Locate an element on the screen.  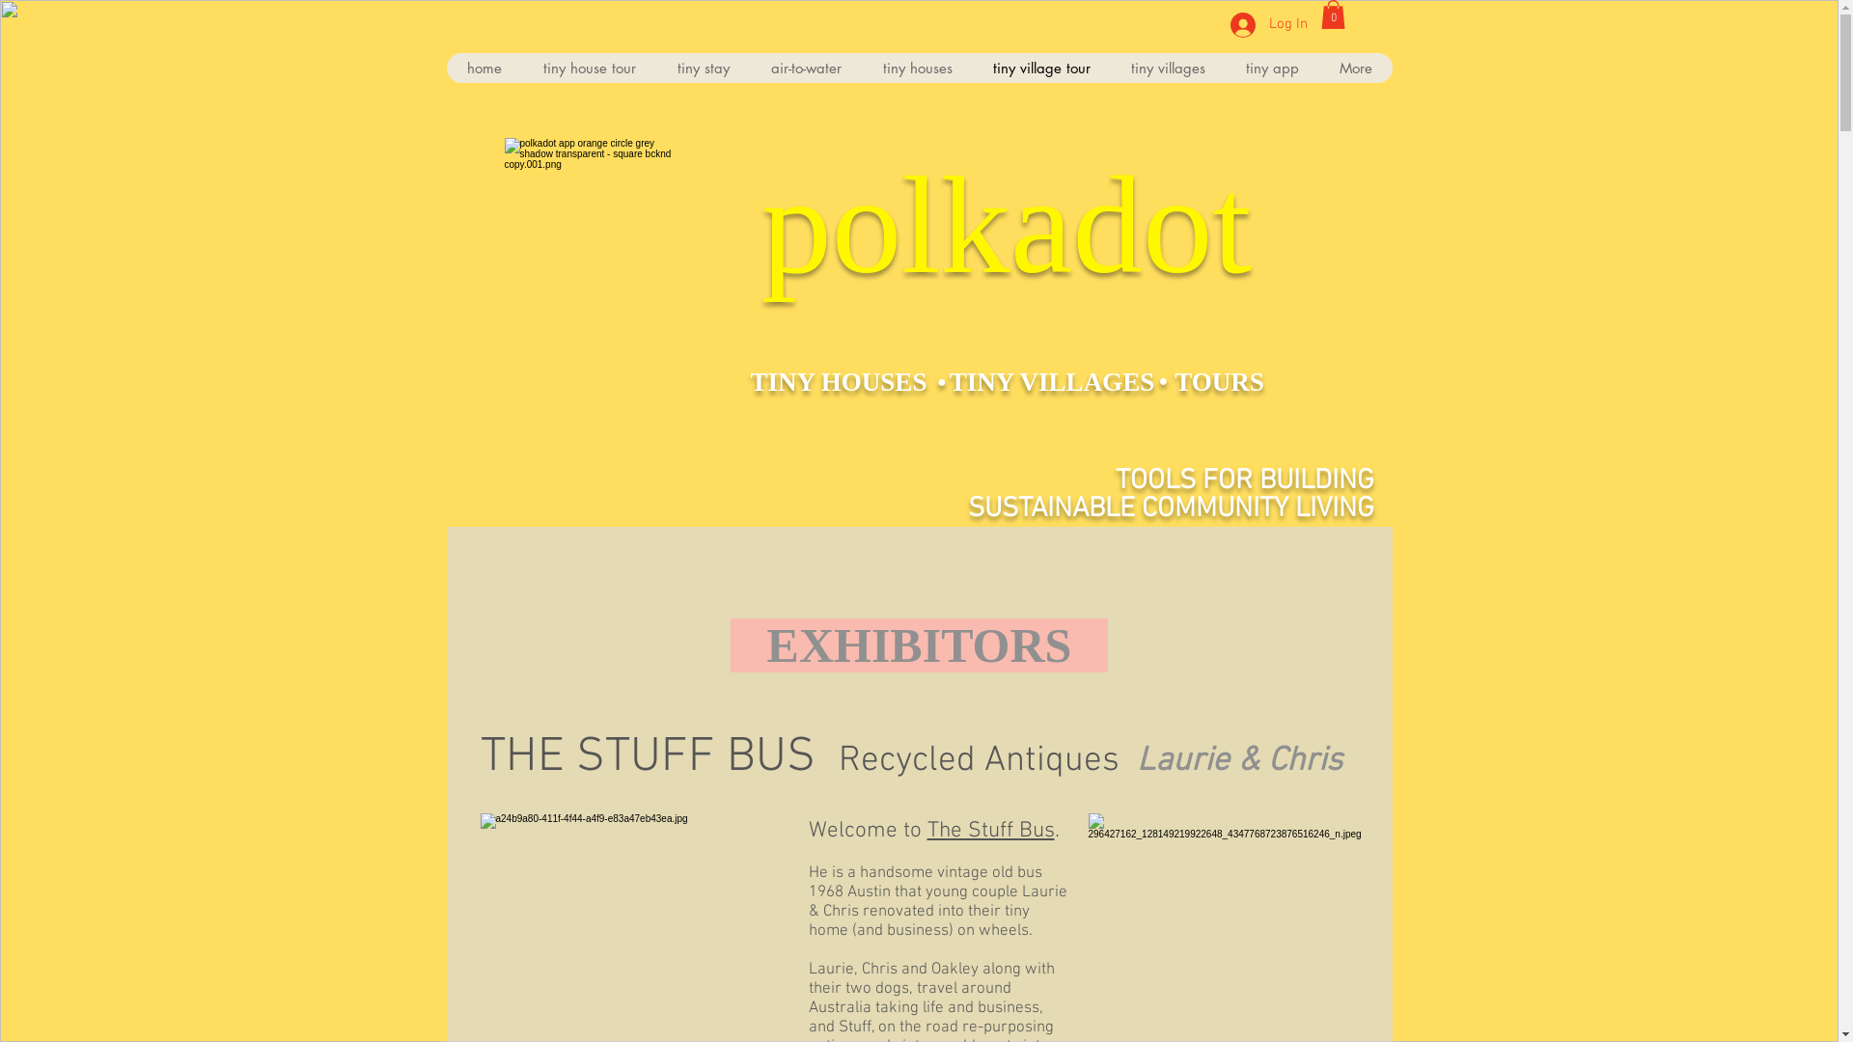
'tiny app' is located at coordinates (1272, 67).